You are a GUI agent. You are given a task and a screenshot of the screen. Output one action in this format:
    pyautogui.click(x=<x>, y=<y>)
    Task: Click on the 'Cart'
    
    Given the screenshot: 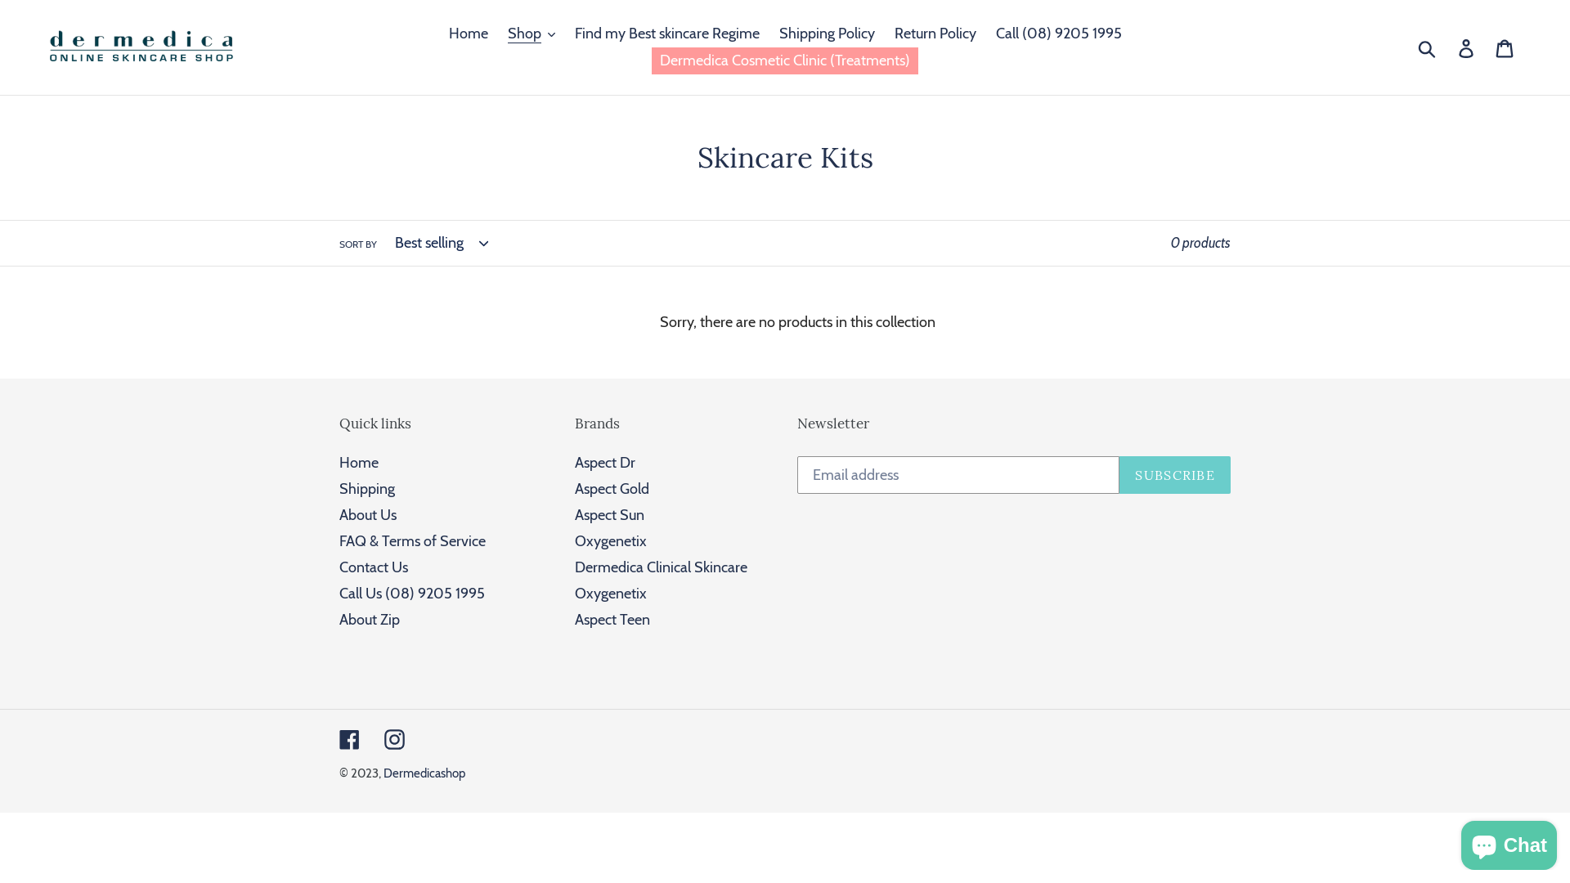 What is the action you would take?
    pyautogui.click(x=1505, y=46)
    